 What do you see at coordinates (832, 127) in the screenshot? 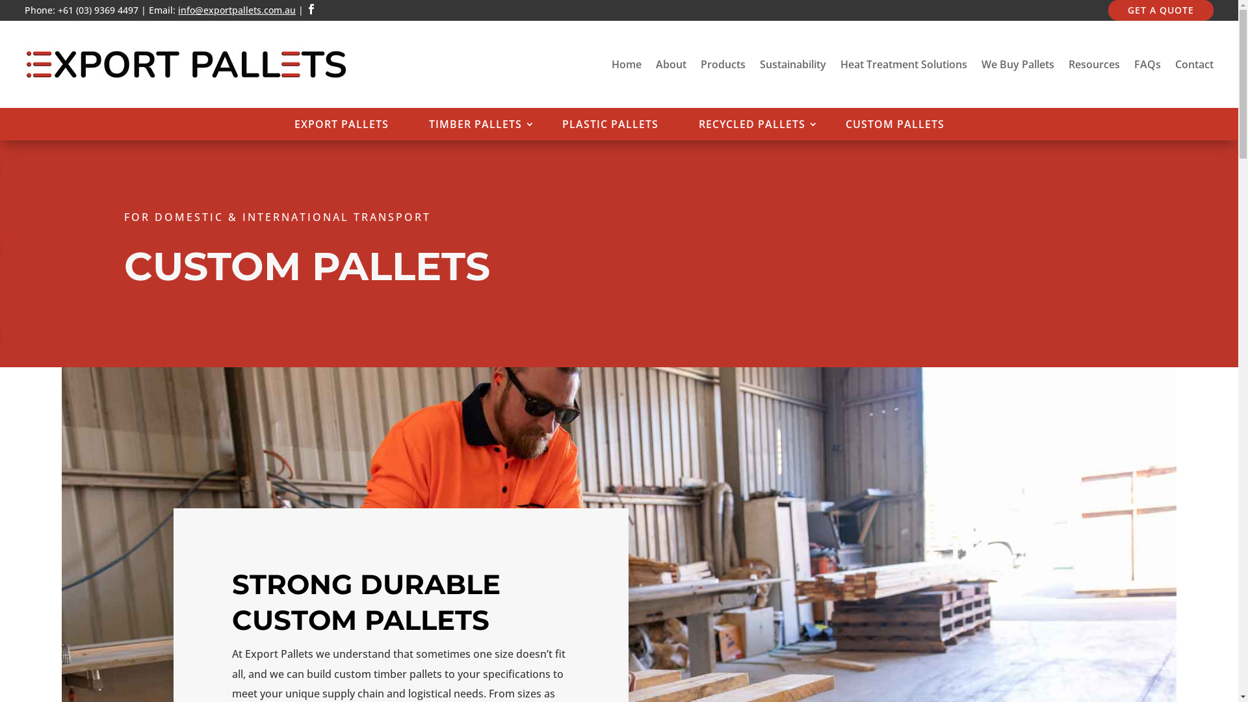
I see `'CUSTOM PALLETS'` at bounding box center [832, 127].